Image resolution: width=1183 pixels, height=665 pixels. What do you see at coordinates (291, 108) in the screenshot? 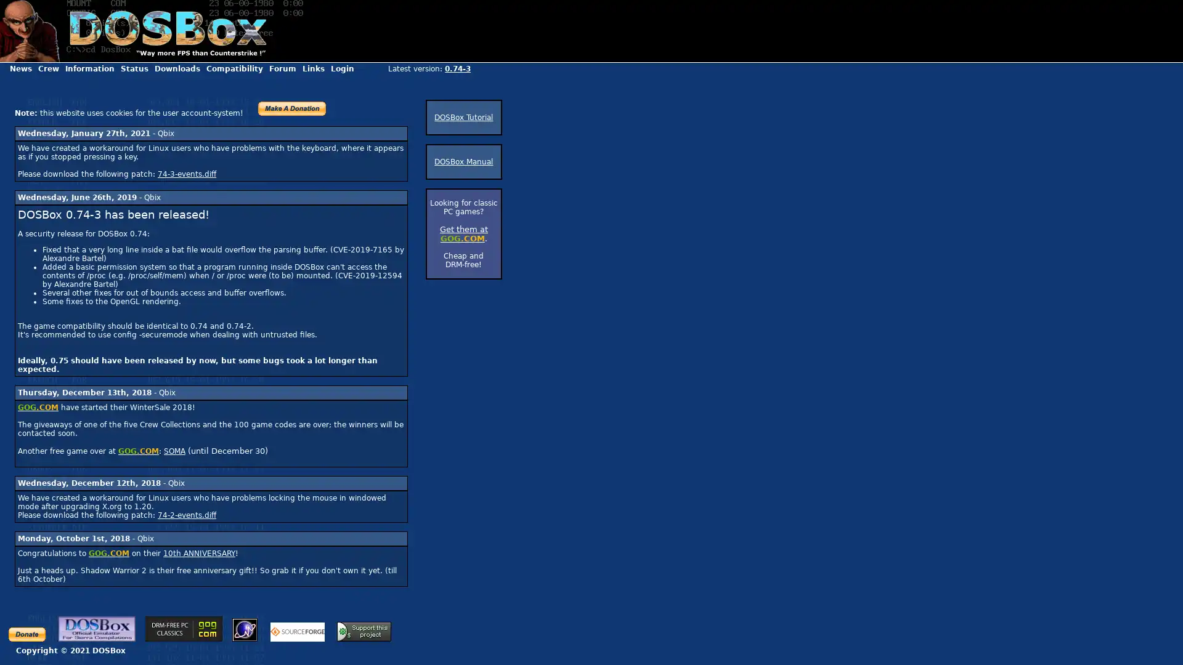
I see `PayPal - The safer, easier way to pay online!` at bounding box center [291, 108].